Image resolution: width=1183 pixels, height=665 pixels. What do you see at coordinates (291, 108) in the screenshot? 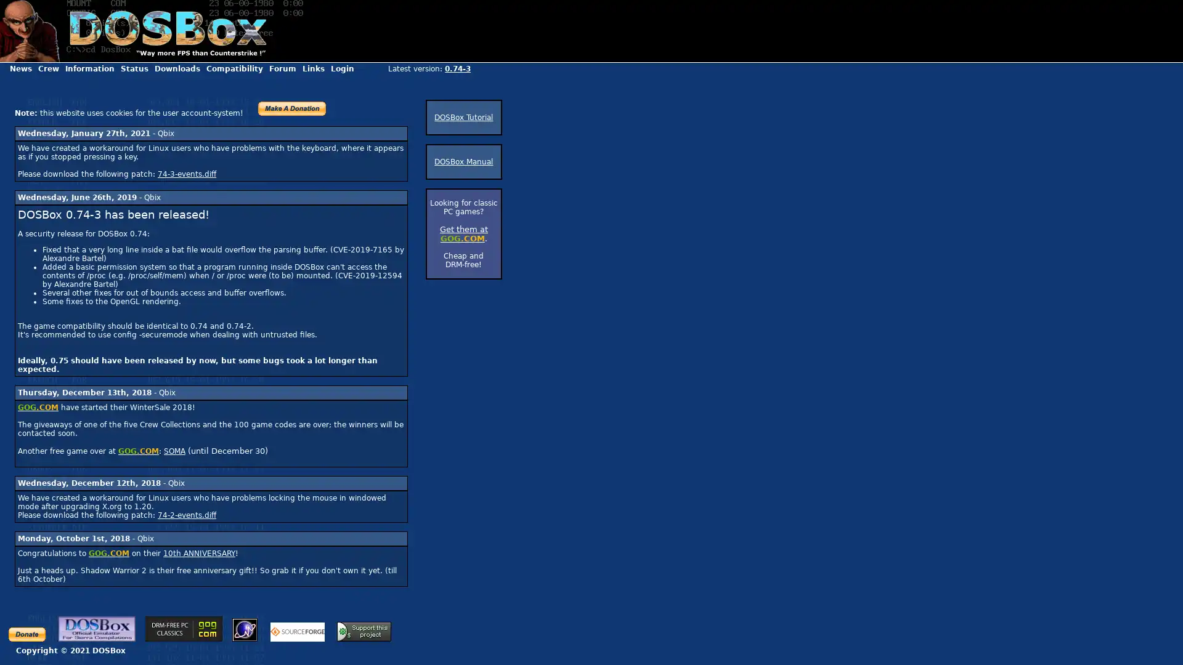
I see `PayPal - The safer, easier way to pay online!` at bounding box center [291, 108].